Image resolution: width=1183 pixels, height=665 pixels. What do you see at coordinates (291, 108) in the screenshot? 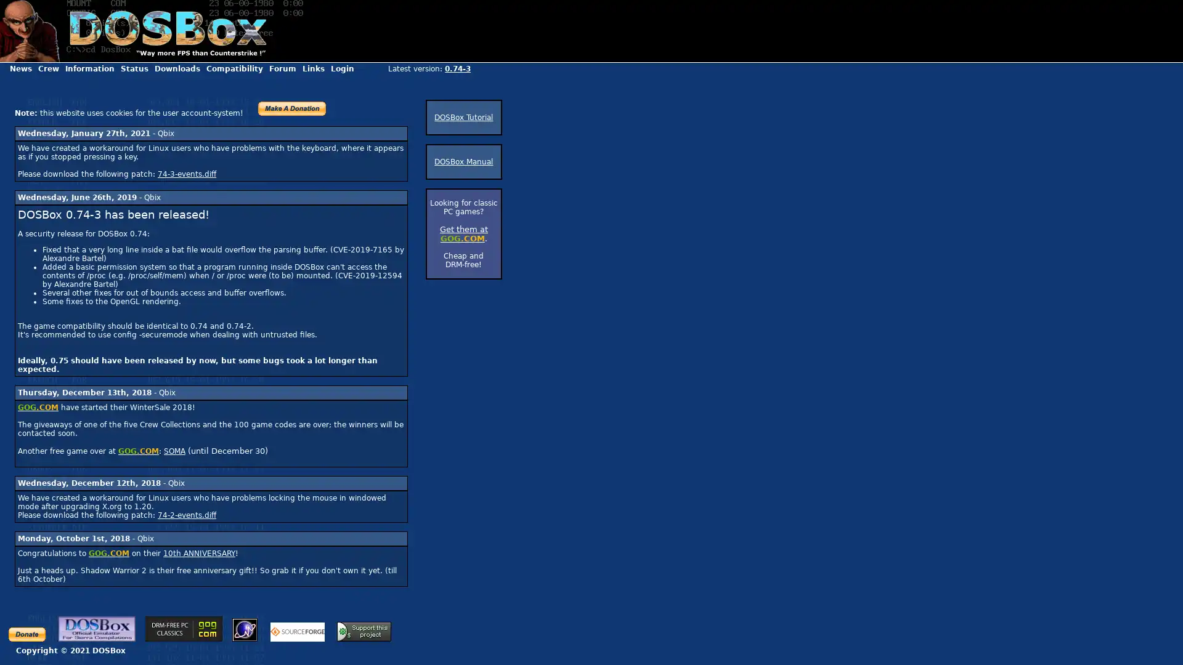
I see `PayPal - The safer, easier way to pay online!` at bounding box center [291, 108].